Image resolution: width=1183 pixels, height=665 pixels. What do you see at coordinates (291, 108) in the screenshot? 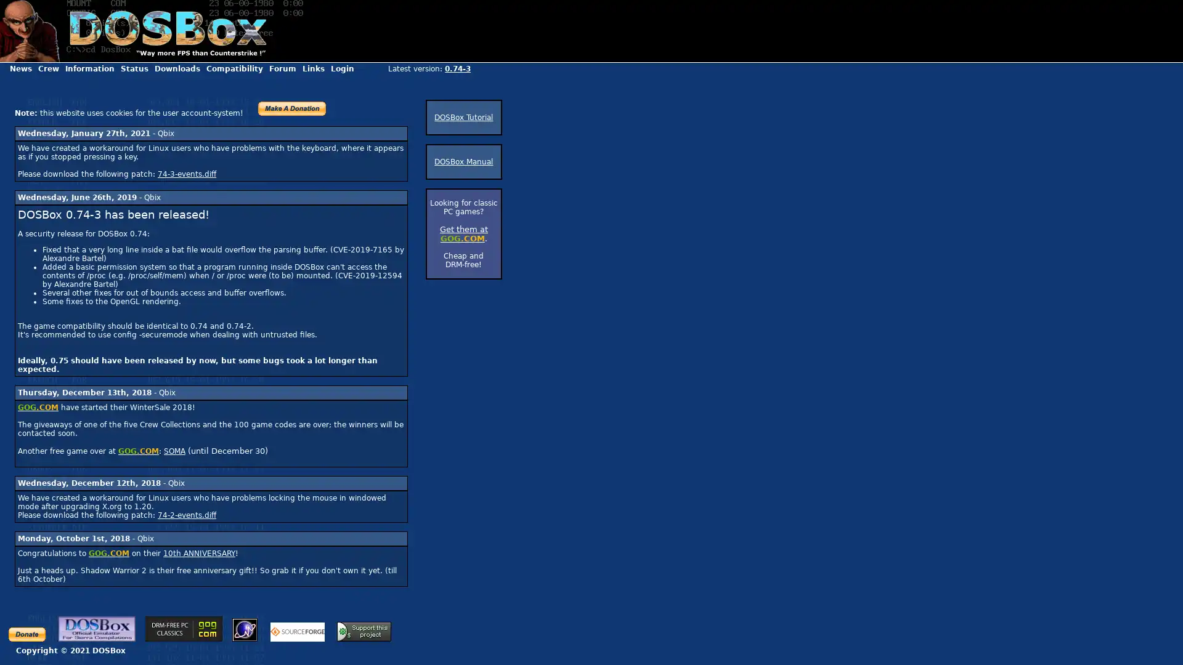
I see `PayPal - The safer, easier way to pay online!` at bounding box center [291, 108].